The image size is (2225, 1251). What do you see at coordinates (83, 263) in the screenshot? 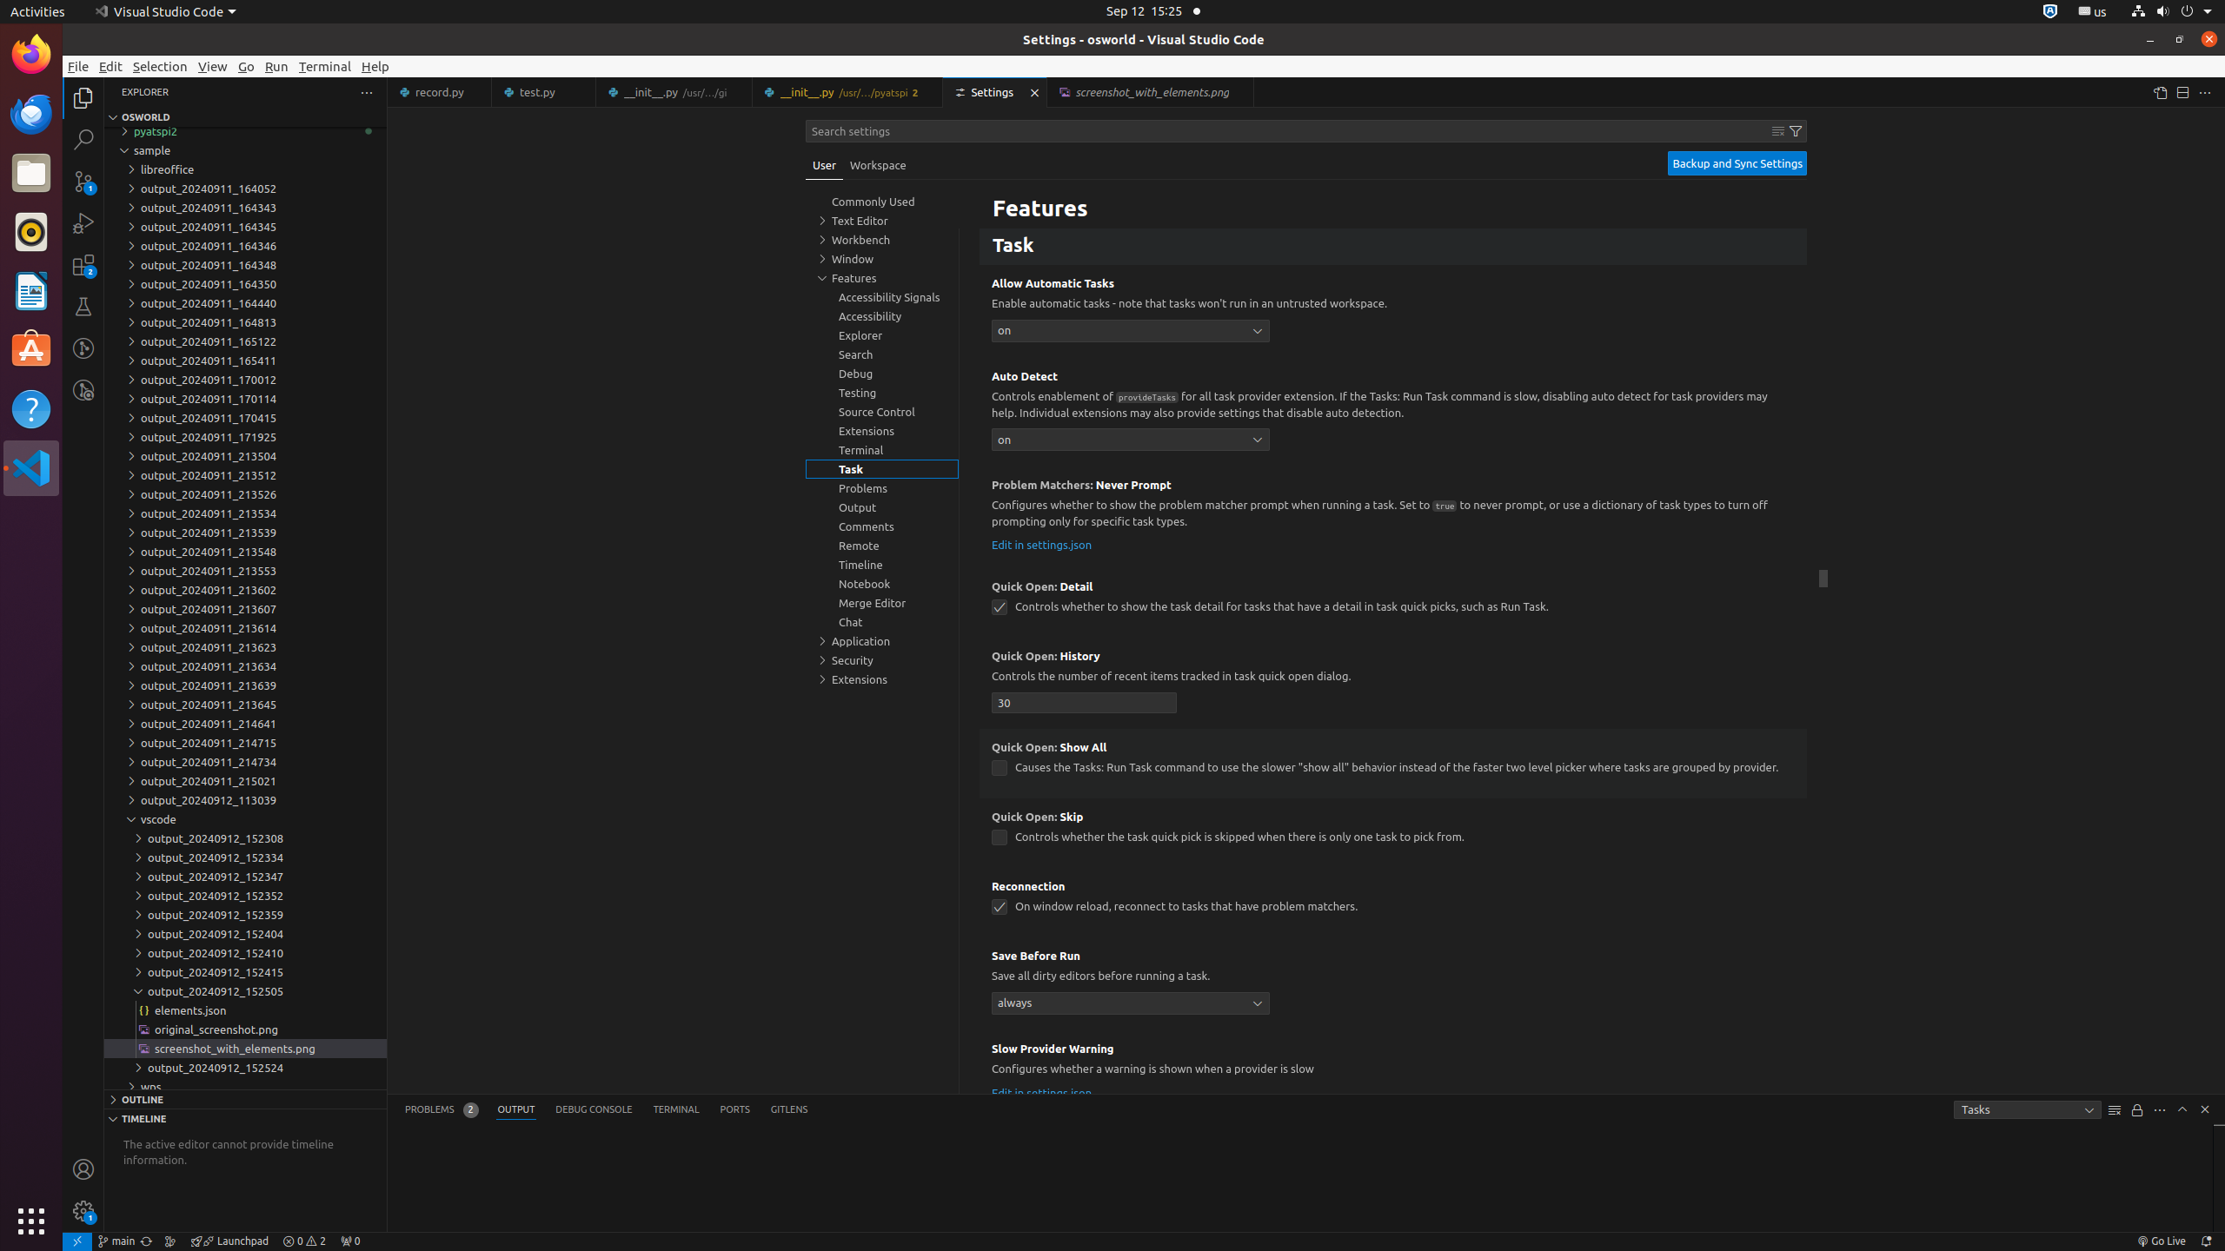
I see `'Extensions (Ctrl+Shift+X) - 2 require restart Extensions (Ctrl+Shift+X) - 2 require restart'` at bounding box center [83, 263].